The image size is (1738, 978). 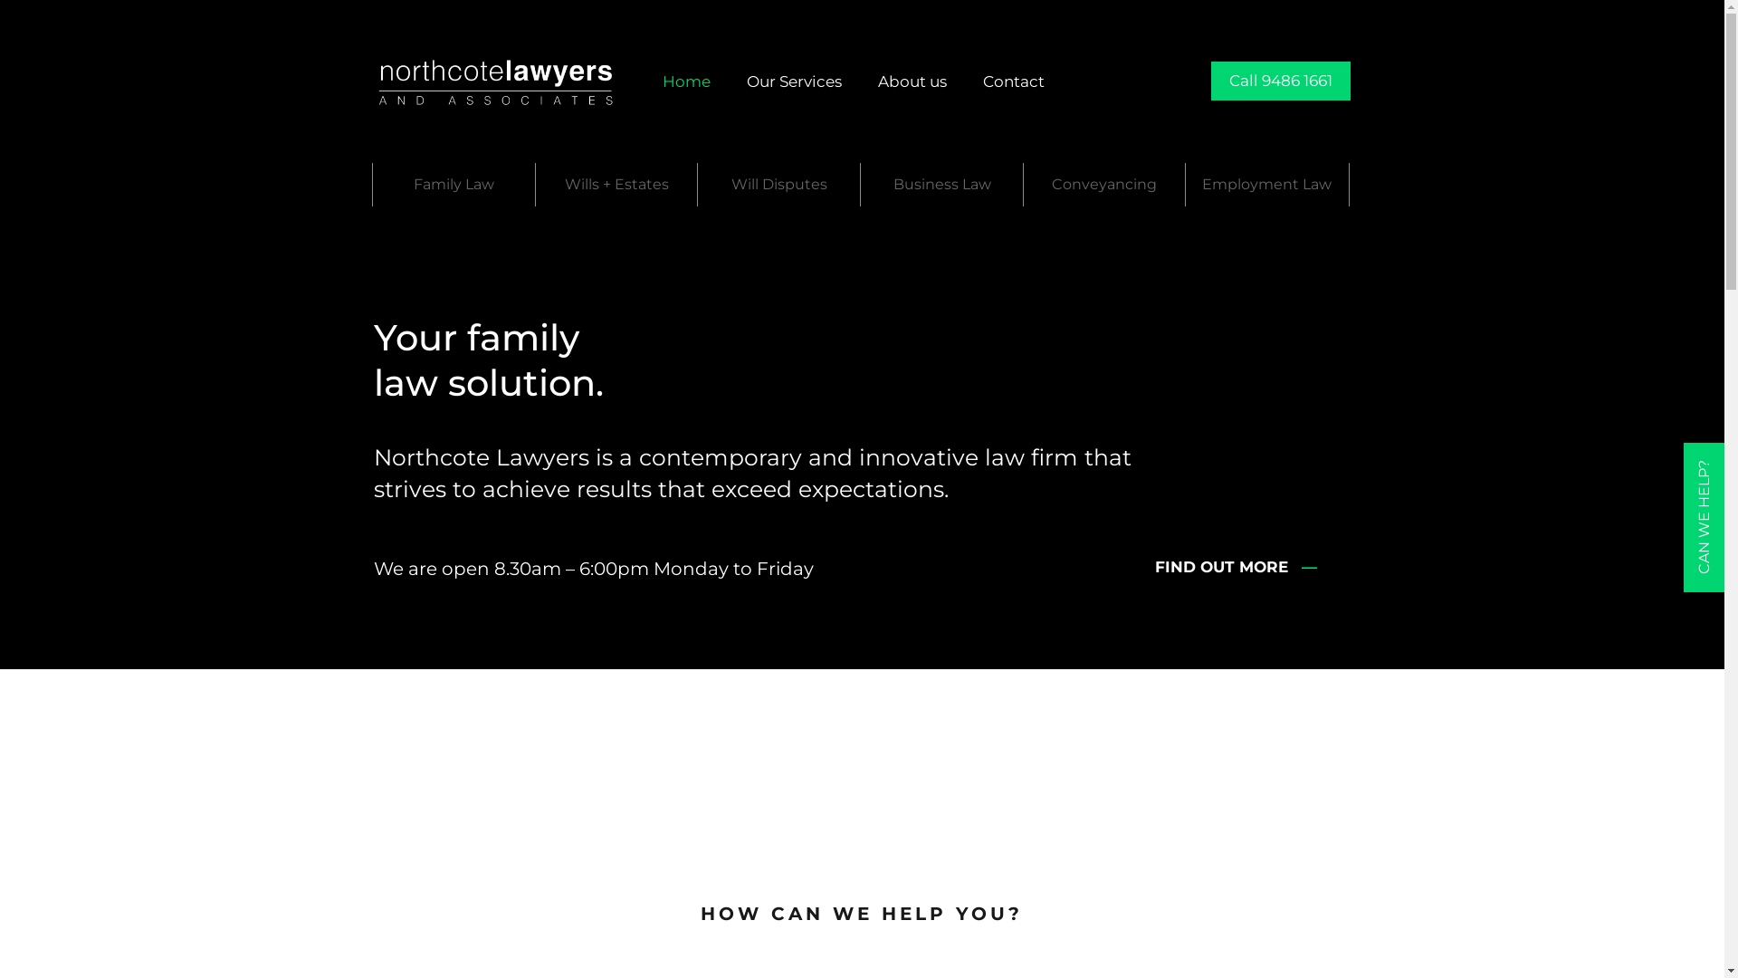 I want to click on 'About us', so click(x=912, y=80).